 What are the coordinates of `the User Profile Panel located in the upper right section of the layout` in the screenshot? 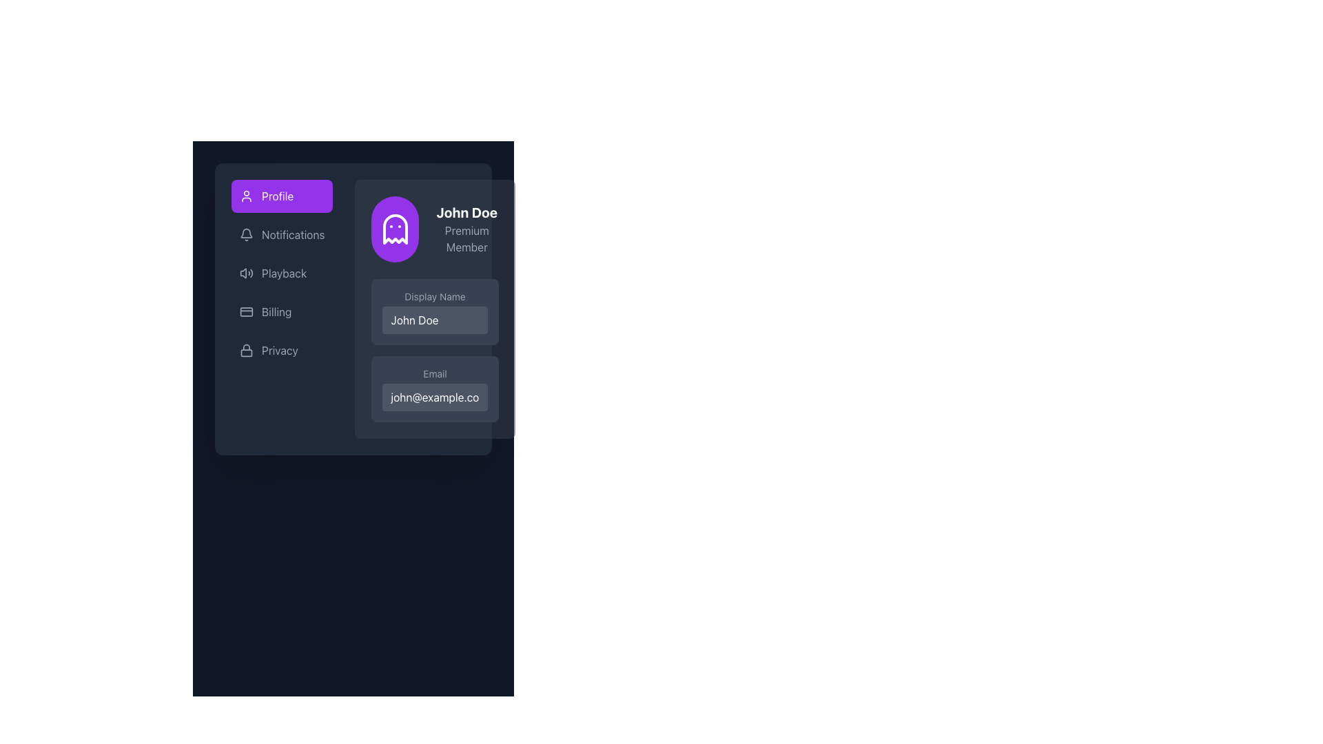 It's located at (434, 308).